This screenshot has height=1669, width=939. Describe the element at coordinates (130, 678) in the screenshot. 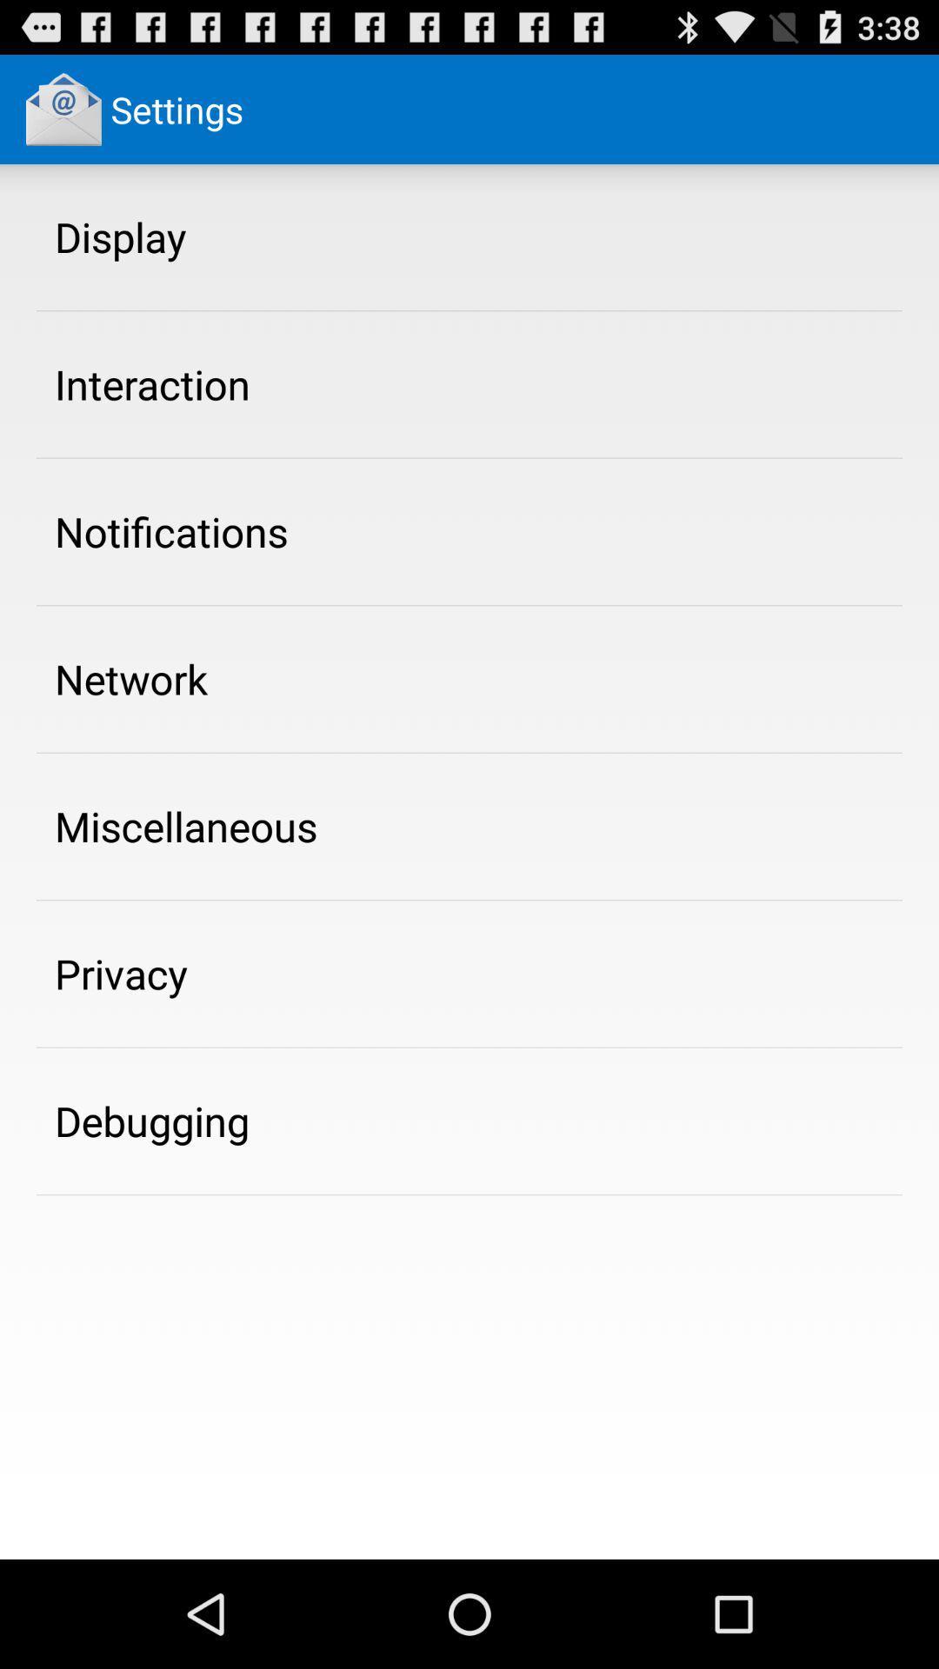

I see `the item above the miscellaneous app` at that location.